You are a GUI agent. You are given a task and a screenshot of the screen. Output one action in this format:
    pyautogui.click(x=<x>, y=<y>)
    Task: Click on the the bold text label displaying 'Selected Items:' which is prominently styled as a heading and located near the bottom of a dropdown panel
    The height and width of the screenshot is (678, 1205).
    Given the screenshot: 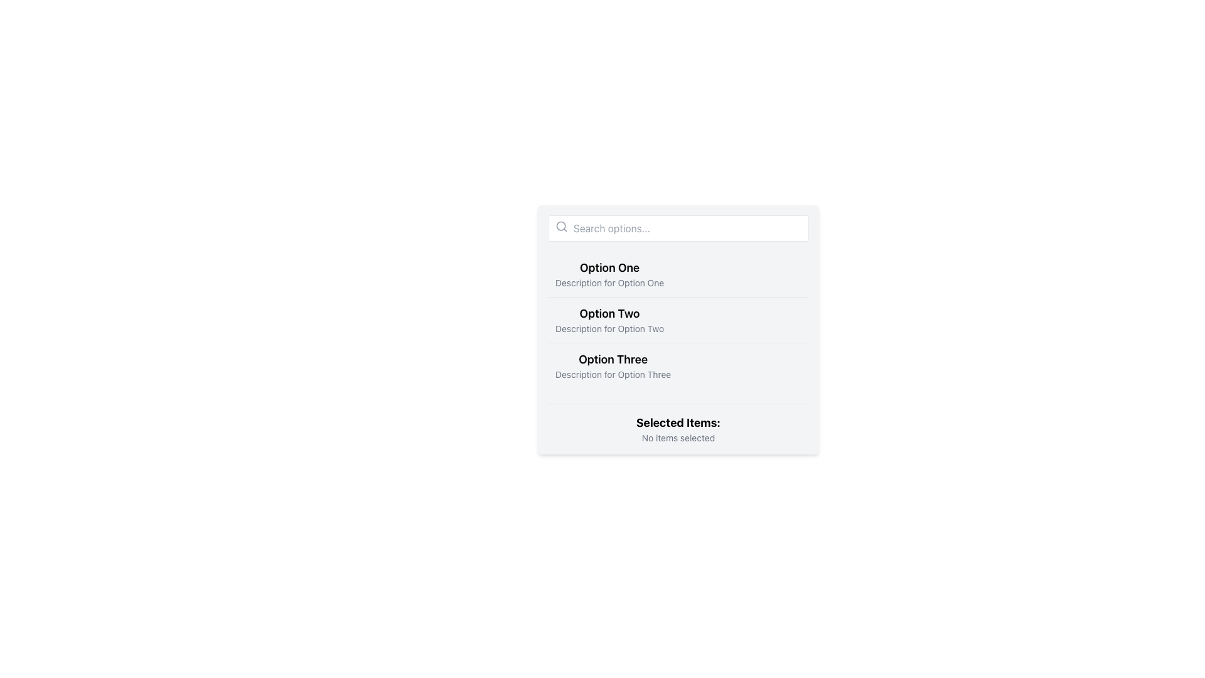 What is the action you would take?
    pyautogui.click(x=677, y=423)
    